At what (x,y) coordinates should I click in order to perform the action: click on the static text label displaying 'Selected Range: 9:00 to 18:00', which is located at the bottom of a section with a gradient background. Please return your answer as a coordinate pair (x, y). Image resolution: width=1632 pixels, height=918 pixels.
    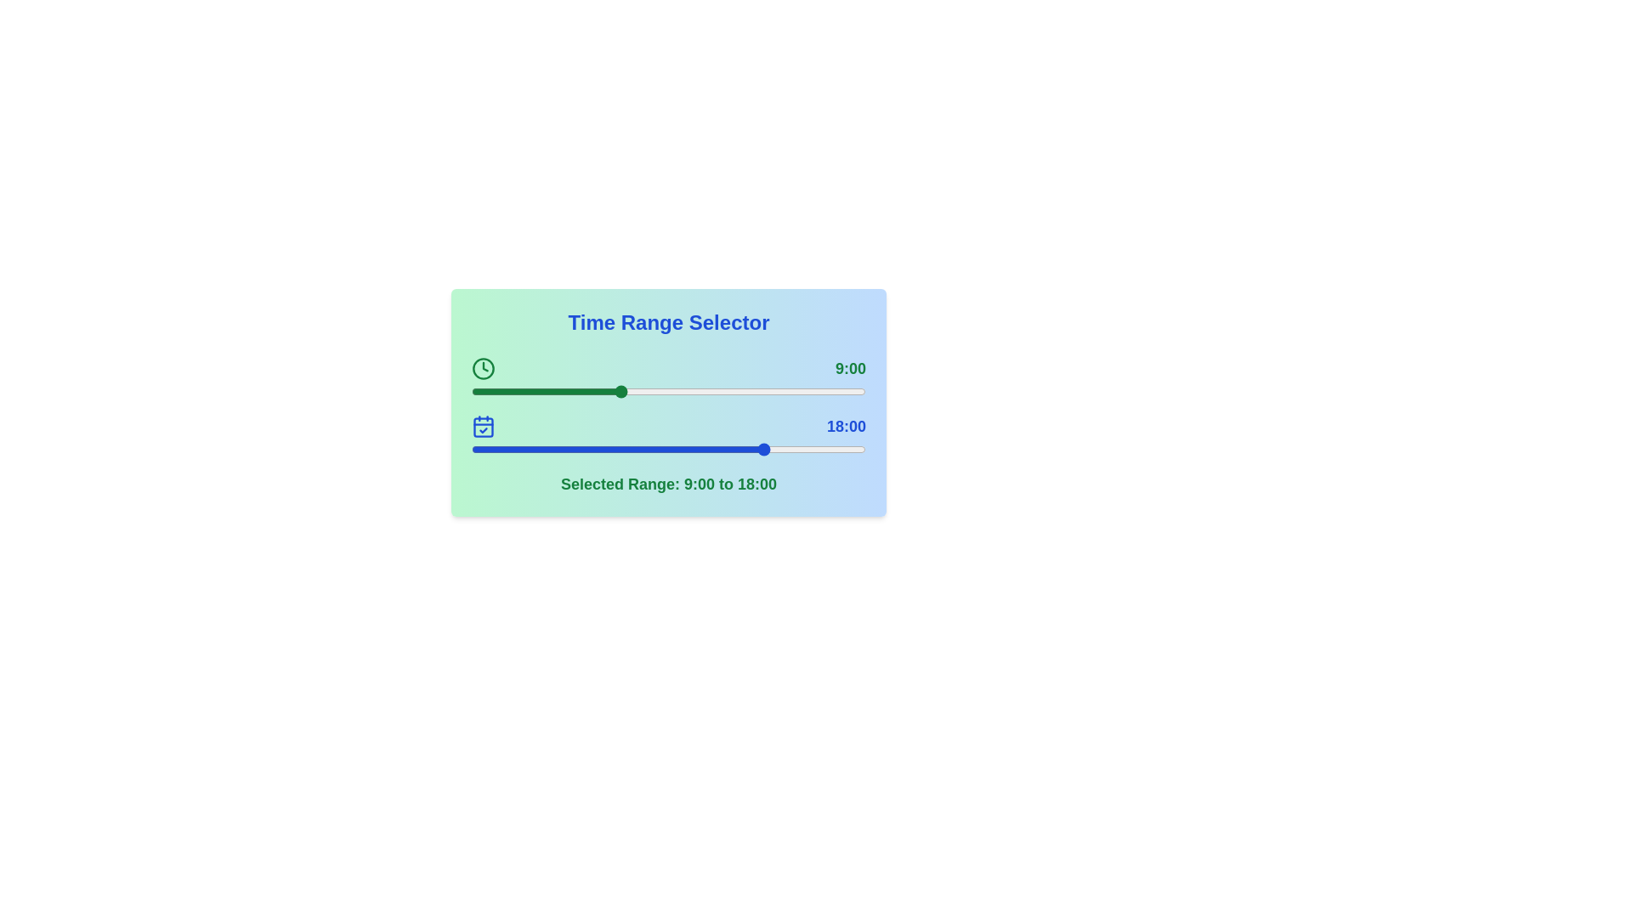
    Looking at the image, I should click on (668, 484).